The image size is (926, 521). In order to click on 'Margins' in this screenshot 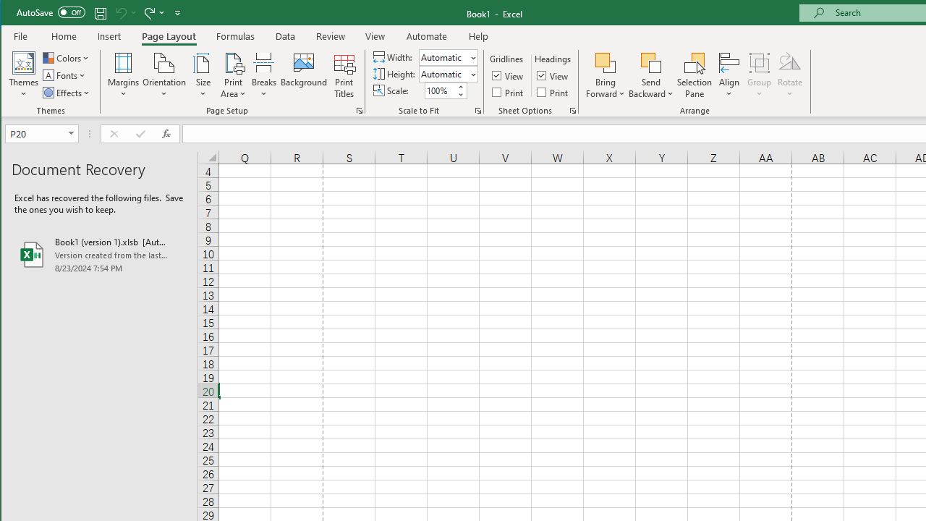, I will do `click(123, 75)`.